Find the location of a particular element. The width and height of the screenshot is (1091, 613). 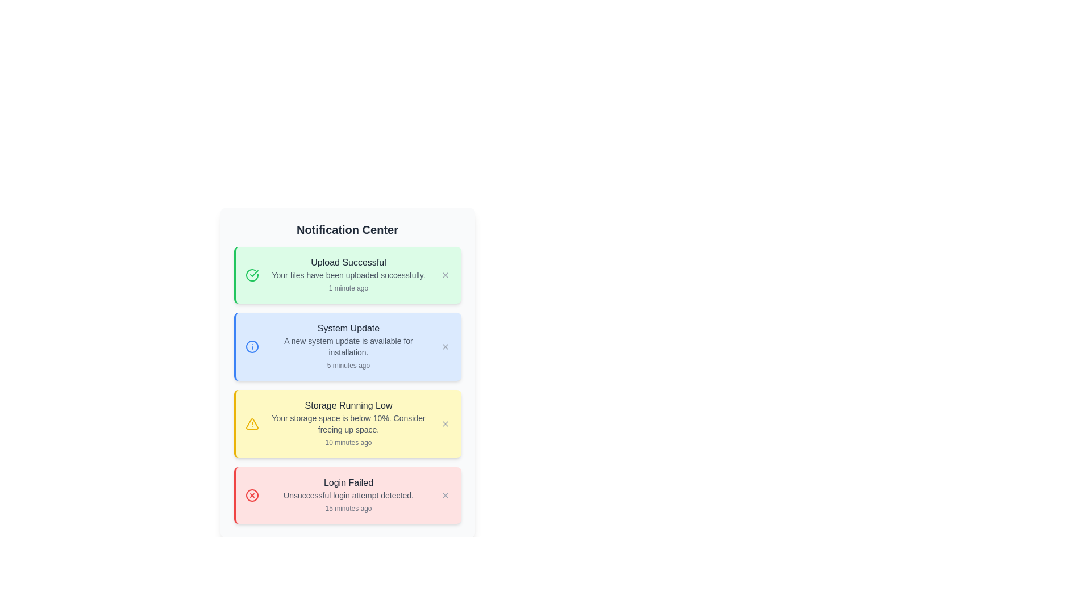

the yellow warning icon shaped like a triangle with an exclamation mark, which is part of the 'Storage Running Low' notification panel is located at coordinates (251, 424).